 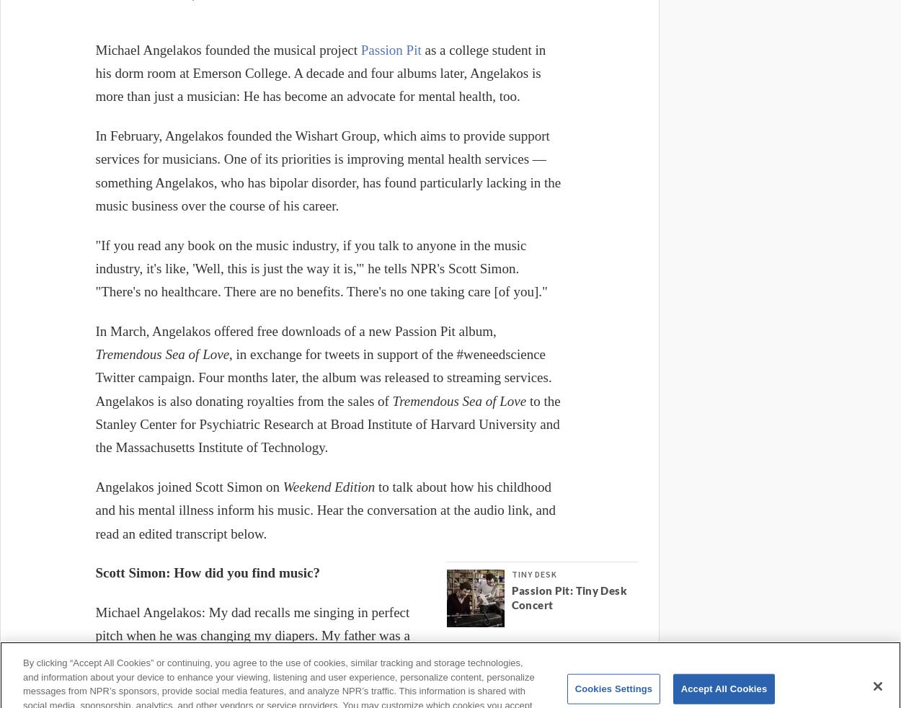 I want to click on 'Tiny Desk', so click(x=533, y=574).